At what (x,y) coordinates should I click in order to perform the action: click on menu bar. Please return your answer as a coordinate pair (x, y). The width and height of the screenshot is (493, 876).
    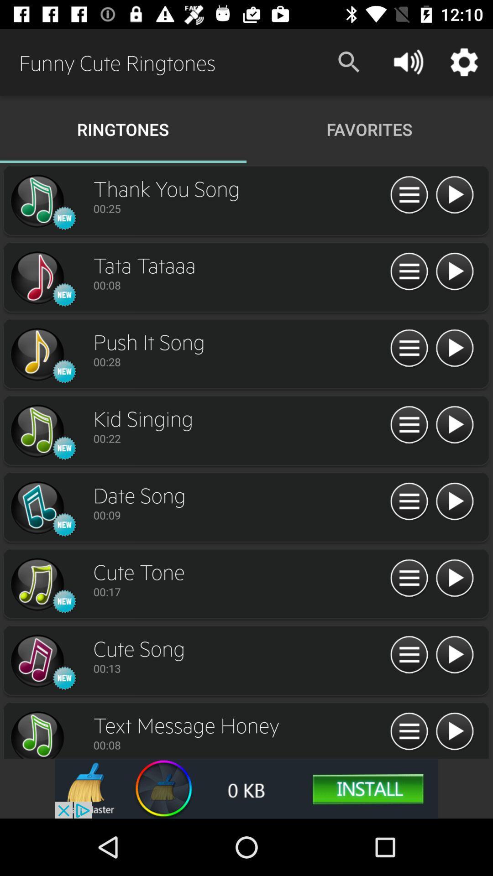
    Looking at the image, I should click on (409, 348).